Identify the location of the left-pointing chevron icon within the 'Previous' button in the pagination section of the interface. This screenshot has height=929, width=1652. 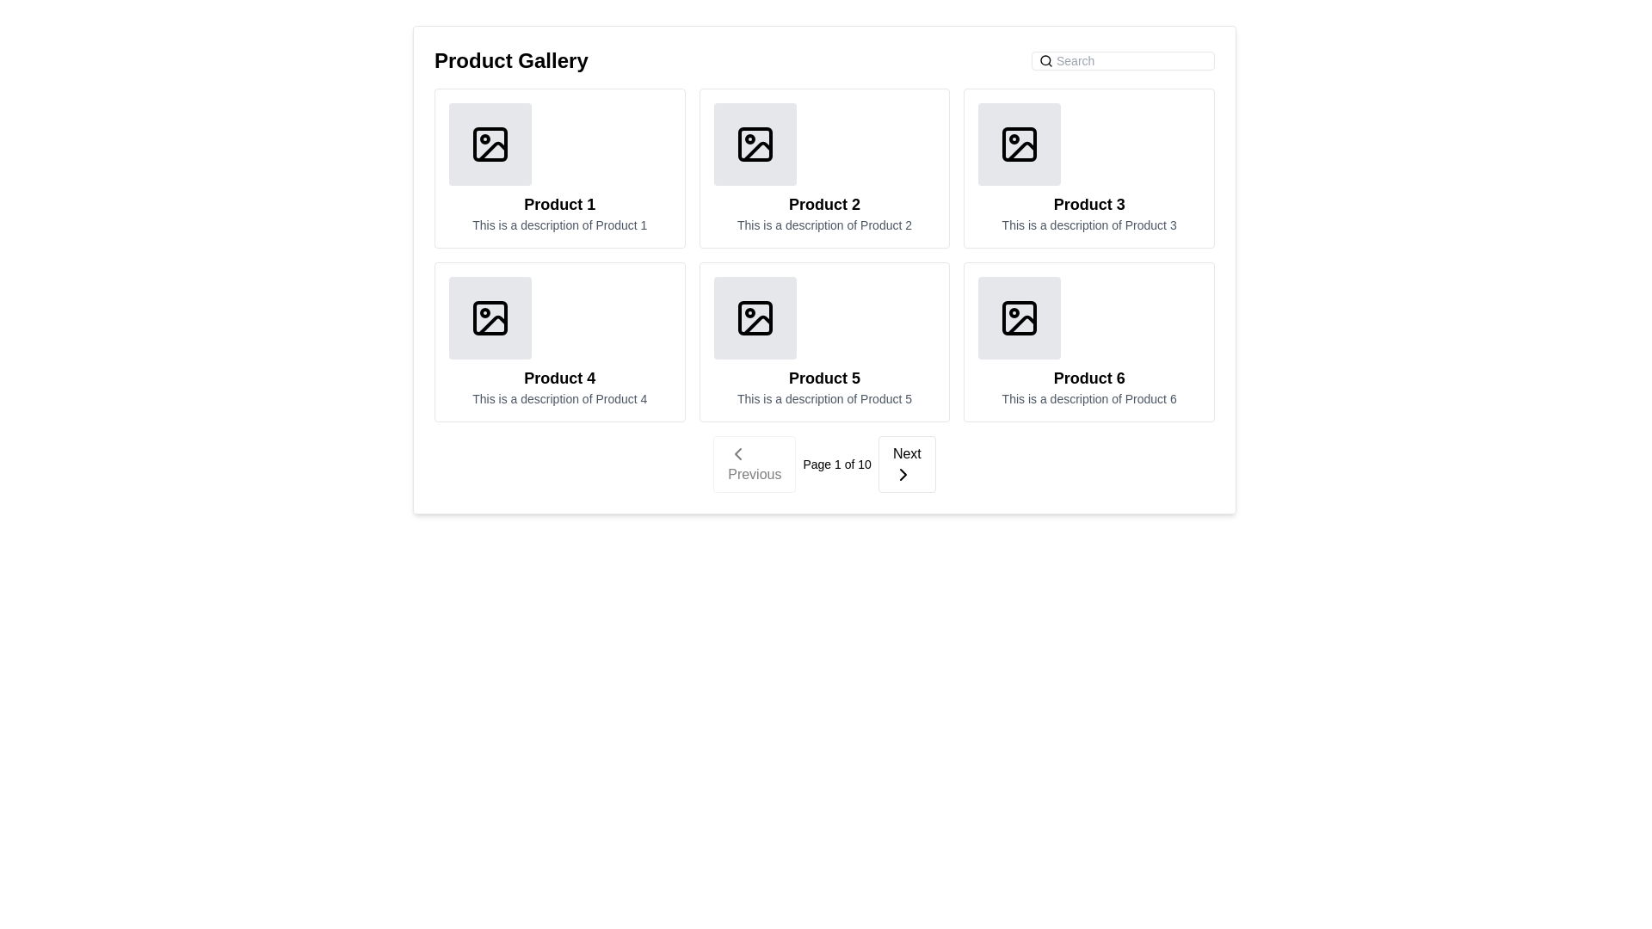
(738, 453).